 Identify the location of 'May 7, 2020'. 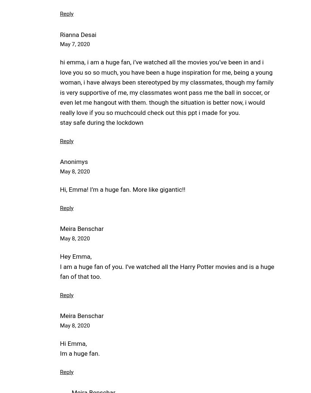
(74, 44).